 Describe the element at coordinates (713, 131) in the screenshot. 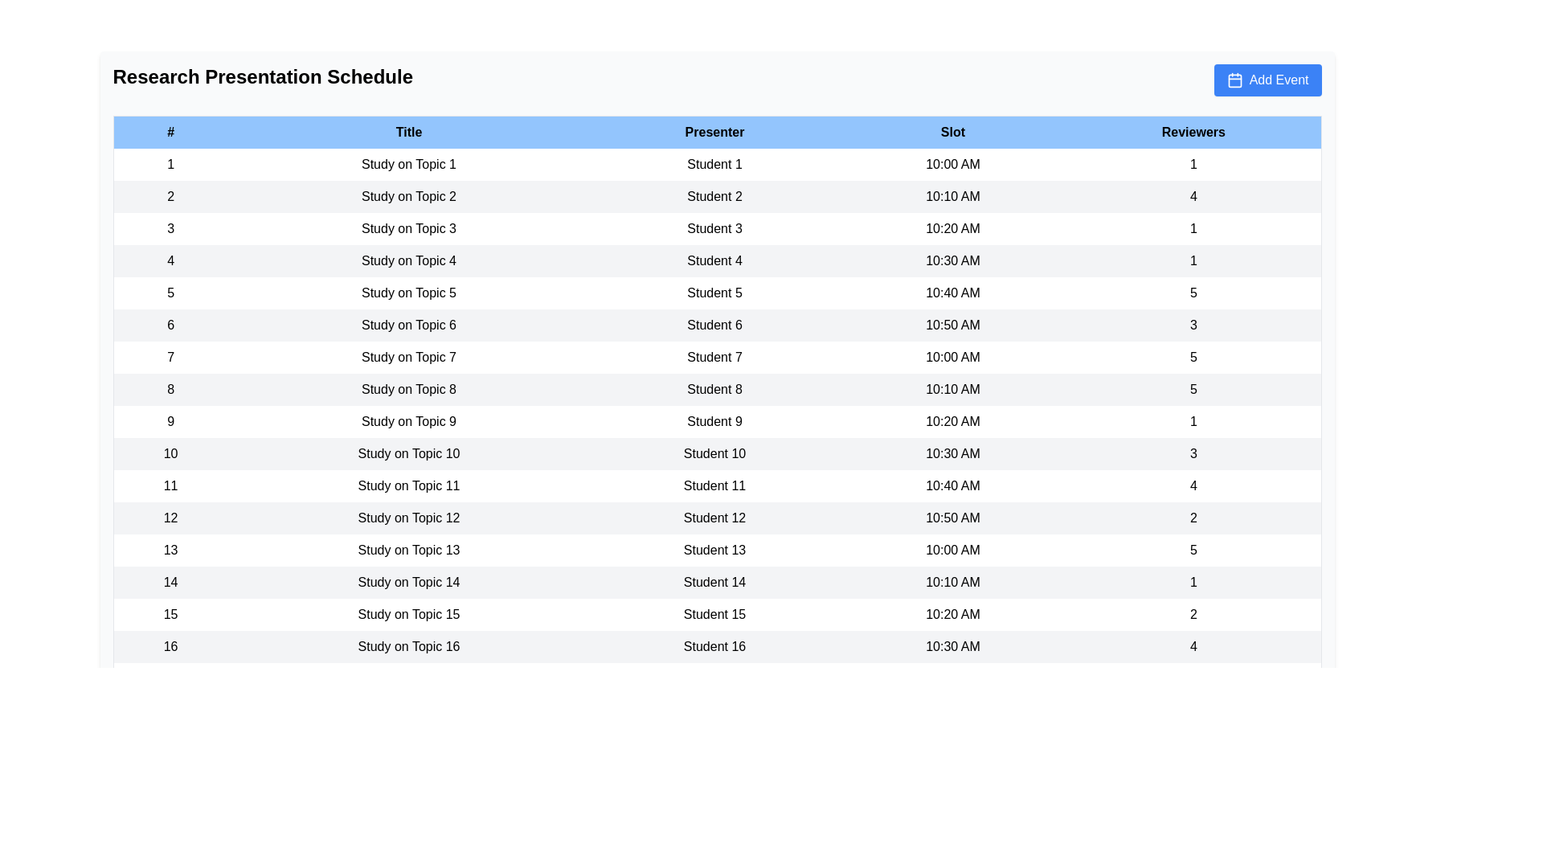

I see `the column header Presenter to sort the table by that column` at that location.